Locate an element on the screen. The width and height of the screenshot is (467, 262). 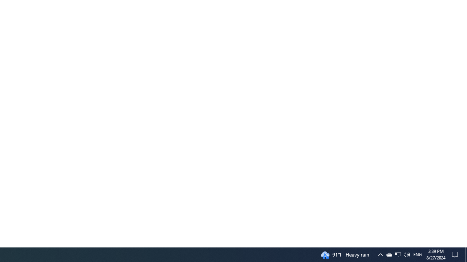
'User Promoted Notification Area' is located at coordinates (398, 254).